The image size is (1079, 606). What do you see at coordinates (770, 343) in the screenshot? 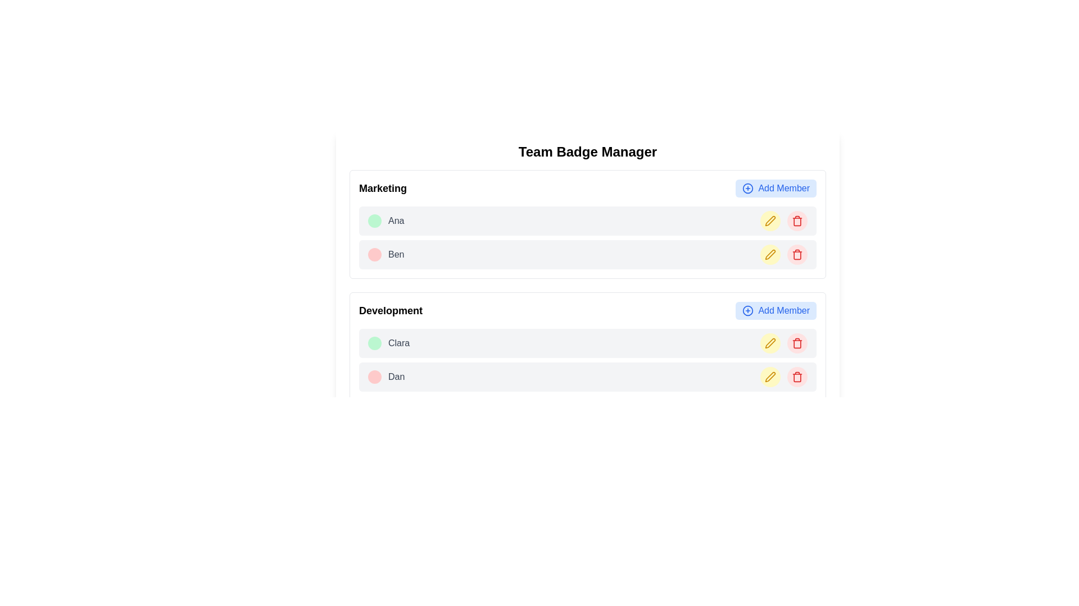
I see `the edit button located in the 'Development' section, which is the second button from the left in a horizontal group of three buttons` at bounding box center [770, 343].